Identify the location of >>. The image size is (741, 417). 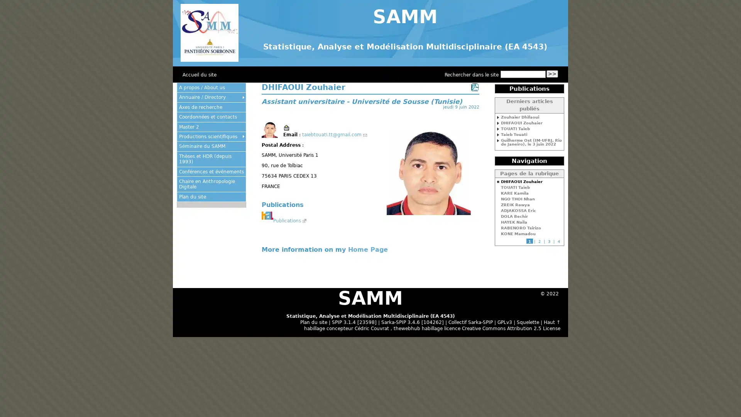
(552, 74).